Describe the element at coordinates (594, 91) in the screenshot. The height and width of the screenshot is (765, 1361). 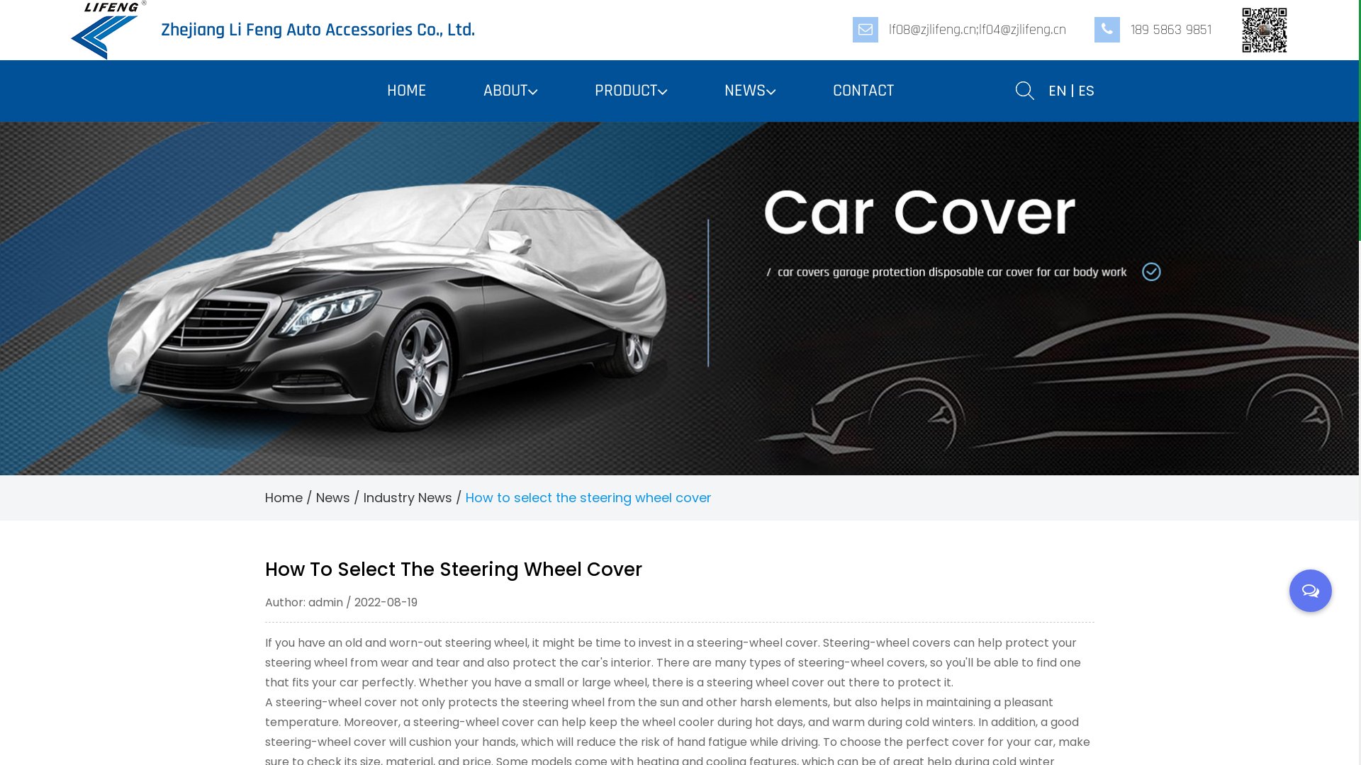
I see `'PRODUCT'` at that location.